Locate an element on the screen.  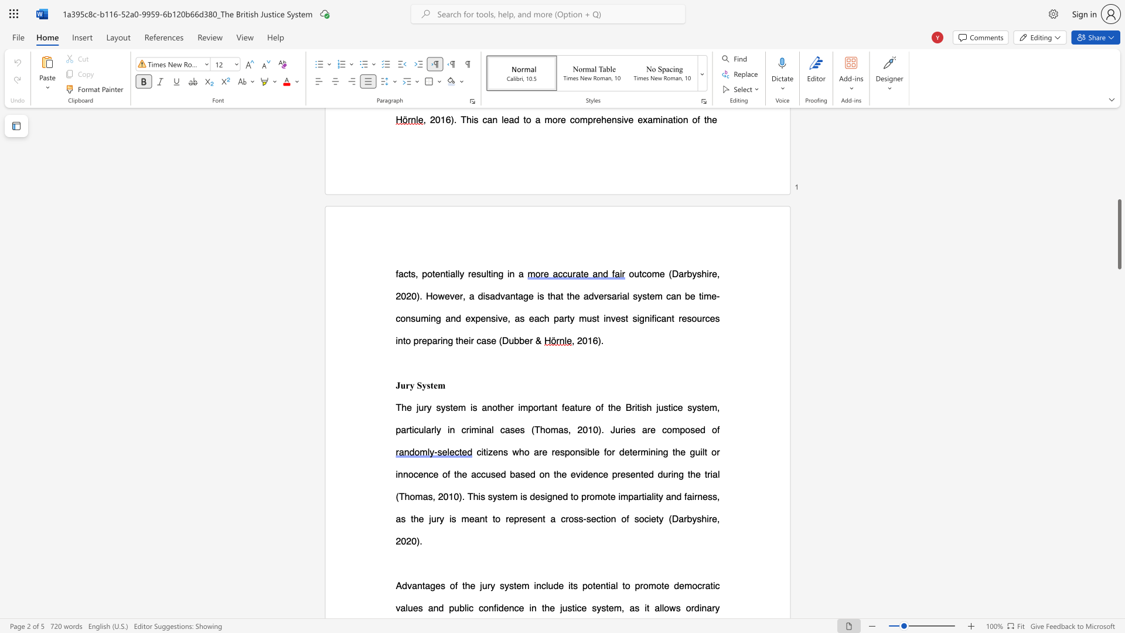
the 4th character "s" in the text is located at coordinates (636, 518).